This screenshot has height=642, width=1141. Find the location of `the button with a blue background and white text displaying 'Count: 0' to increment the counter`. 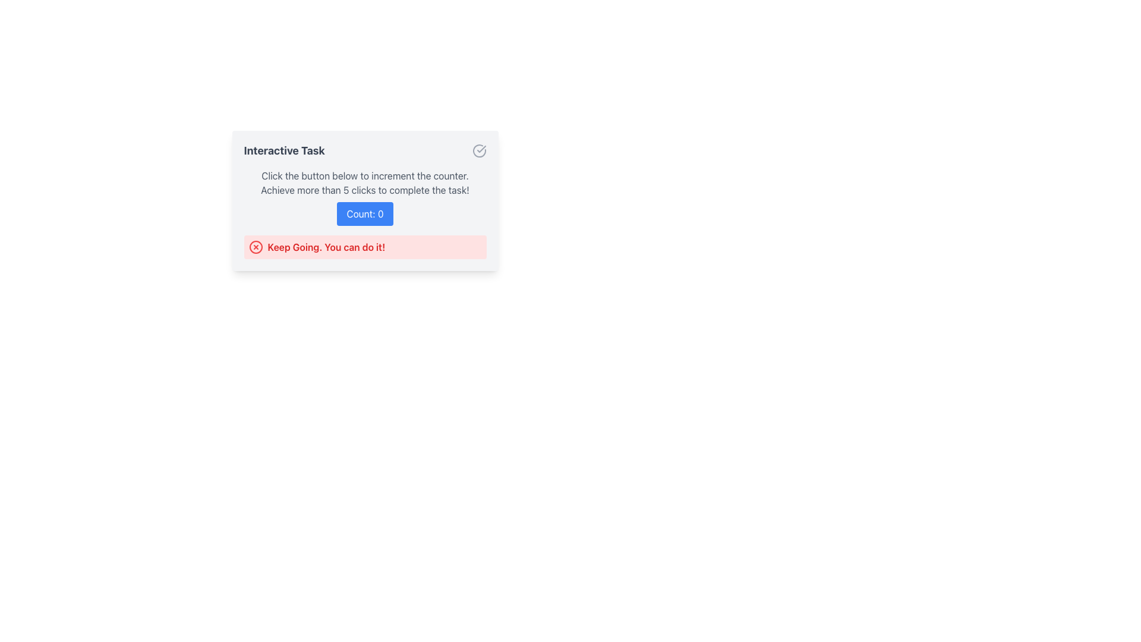

the button with a blue background and white text displaying 'Count: 0' to increment the counter is located at coordinates (364, 213).